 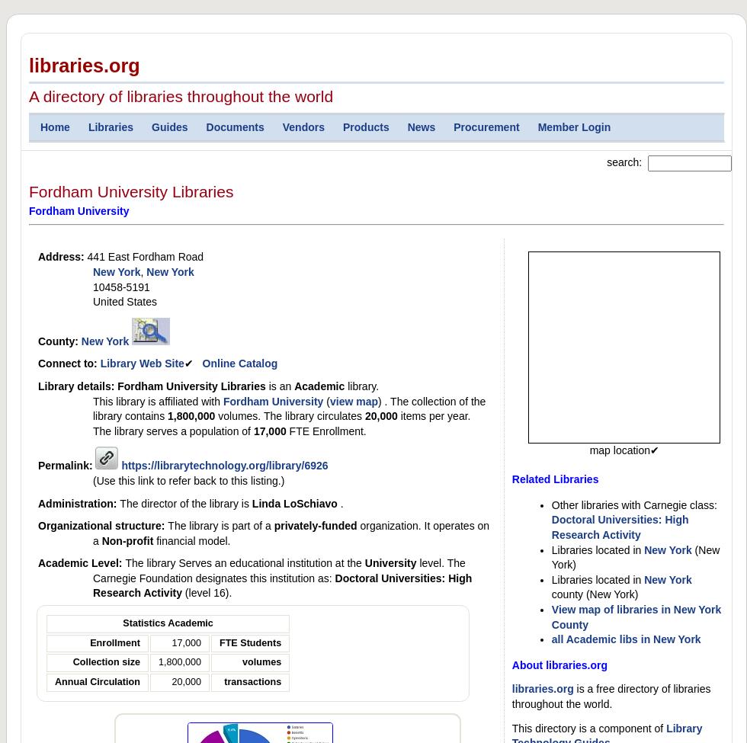 What do you see at coordinates (606, 161) in the screenshot?
I see `'search:'` at bounding box center [606, 161].